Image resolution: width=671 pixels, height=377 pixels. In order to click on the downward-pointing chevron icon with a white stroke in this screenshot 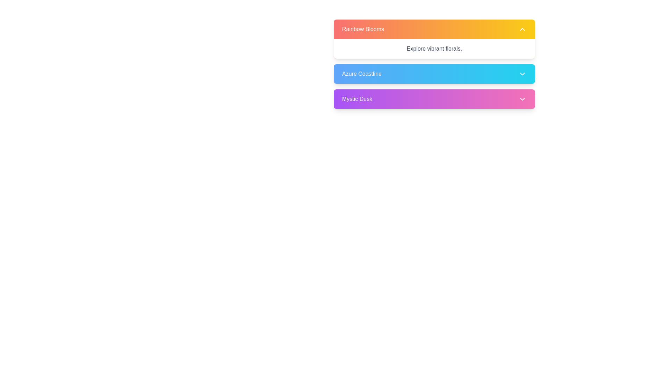, I will do `click(522, 74)`.